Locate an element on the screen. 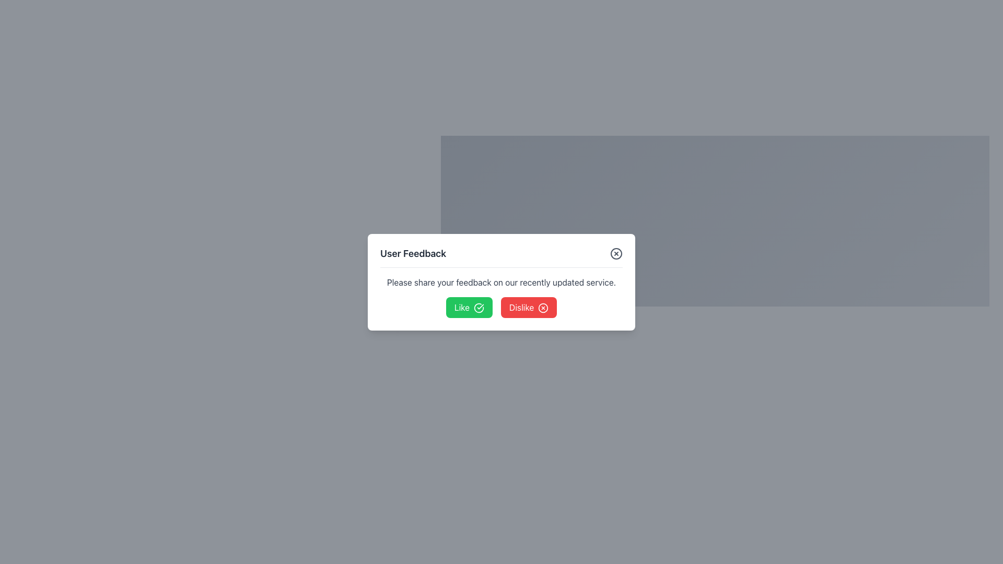  design of the confirmation icon located to the right of the 'Like' button in the feedback dialog box is located at coordinates (478, 308).